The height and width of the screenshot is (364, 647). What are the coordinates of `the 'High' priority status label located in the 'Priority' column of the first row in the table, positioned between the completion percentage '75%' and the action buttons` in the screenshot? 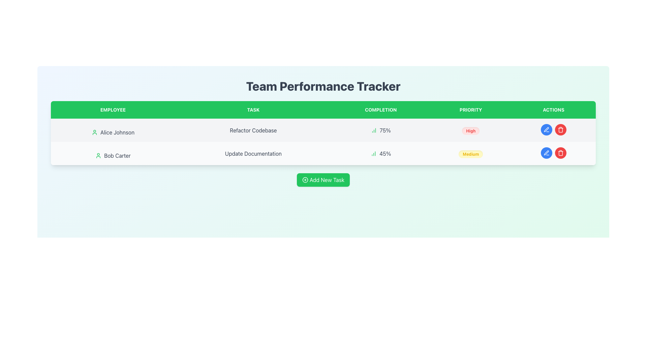 It's located at (470, 131).